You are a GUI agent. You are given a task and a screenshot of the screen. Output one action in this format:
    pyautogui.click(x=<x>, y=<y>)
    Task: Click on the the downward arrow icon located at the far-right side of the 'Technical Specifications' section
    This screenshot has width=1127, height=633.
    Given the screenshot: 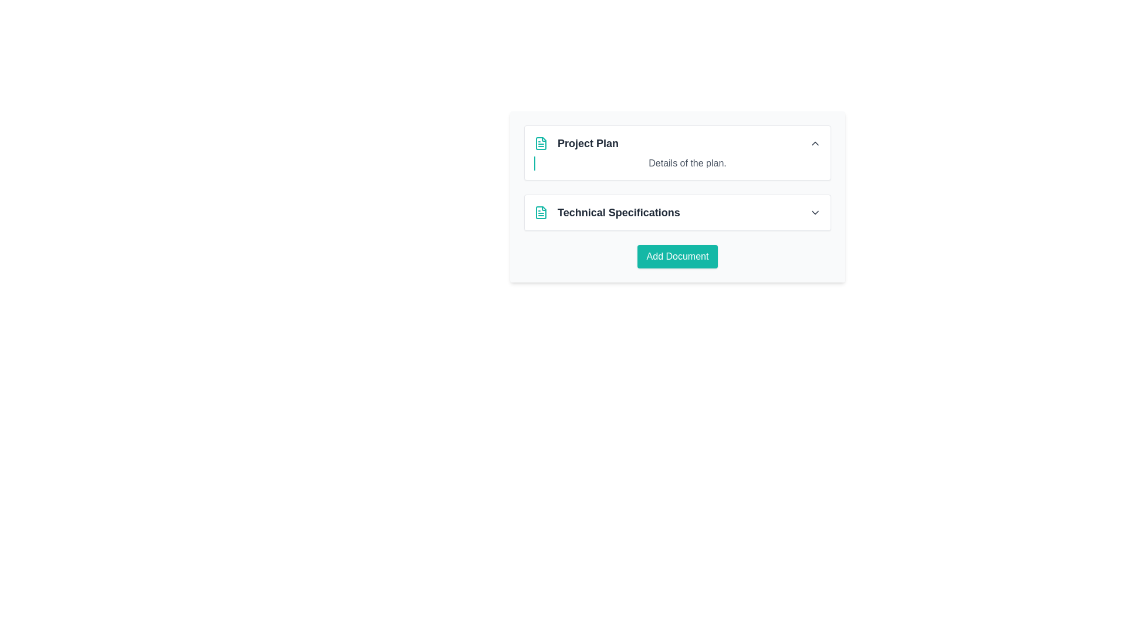 What is the action you would take?
    pyautogui.click(x=814, y=212)
    